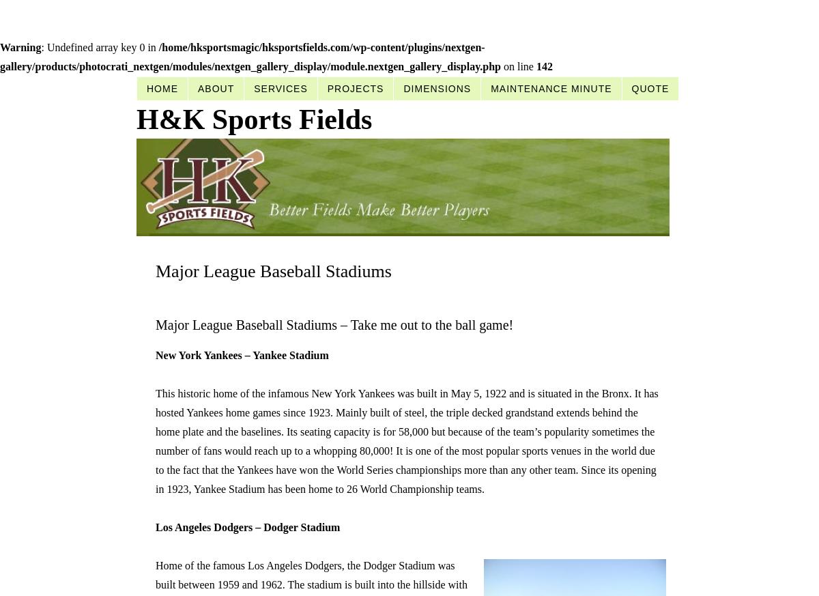  Describe the element at coordinates (155, 441) in the screenshot. I see `'This historic home of the infamous New York Yankees was built in May 5, 1922 and is situated in the Bronx.  It has hosted Yankees home games since 1923.  Mainly built of steel, the triple decked grandstand extends behind the home plate and the baselines.  Its seating capacity is for 58,000 but because of the team’s popularity sometimes the number of fans would reach up to a whopping 80,000!  It is one of the most popular sports venues in the world due to the fact that the Yankees have won the World Series championships more than any other team.  Since its opening in 1923, Yankee Stadium has been home to 26 World Championship teams.'` at that location.